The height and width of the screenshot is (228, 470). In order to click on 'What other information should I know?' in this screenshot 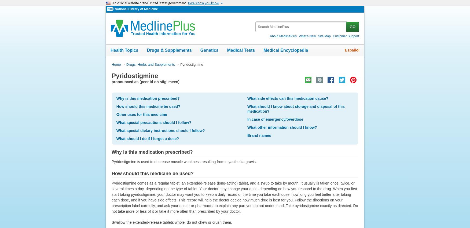, I will do `click(282, 127)`.